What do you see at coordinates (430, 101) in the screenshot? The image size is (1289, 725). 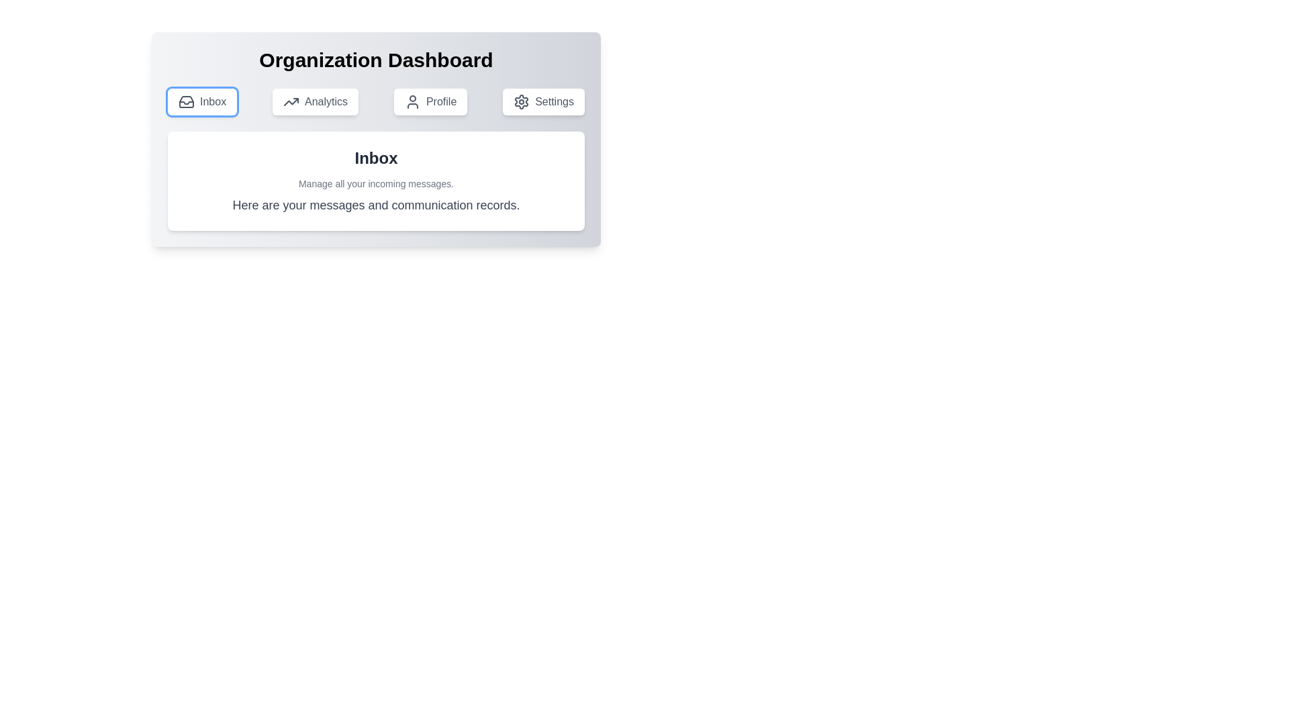 I see `the third navigation button located below the 'Organization Dashboard' heading` at bounding box center [430, 101].